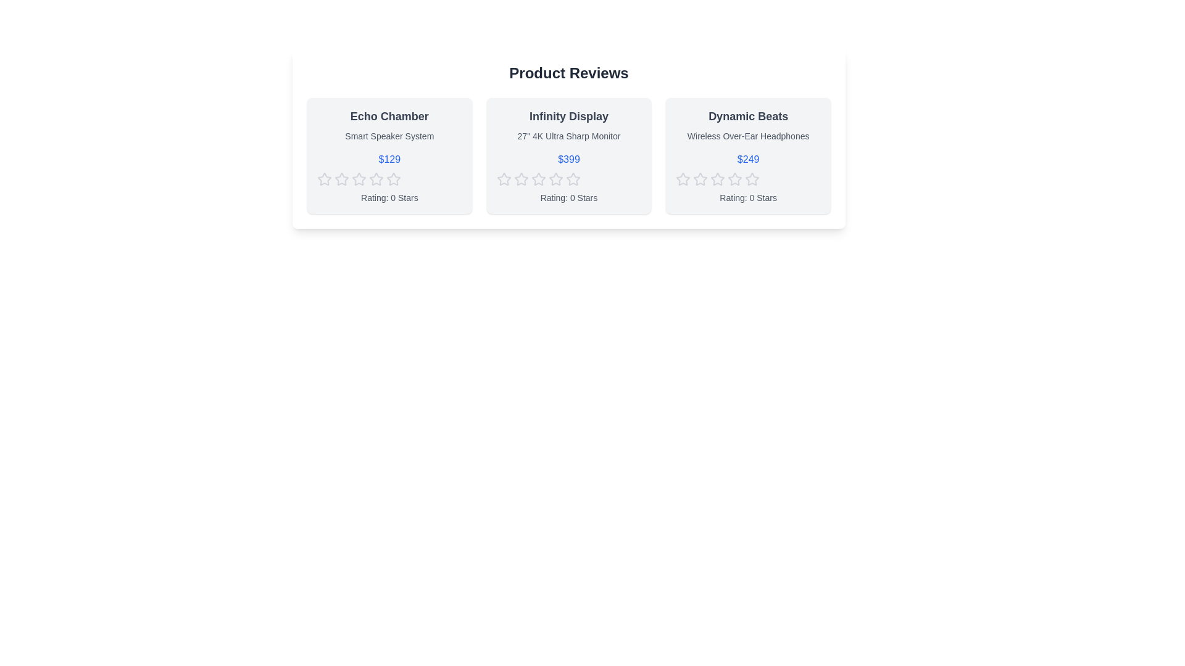 This screenshot has width=1185, height=666. I want to click on the fifth star icon in the rating system for the 'Dynamic Beats' product card, so click(735, 179).